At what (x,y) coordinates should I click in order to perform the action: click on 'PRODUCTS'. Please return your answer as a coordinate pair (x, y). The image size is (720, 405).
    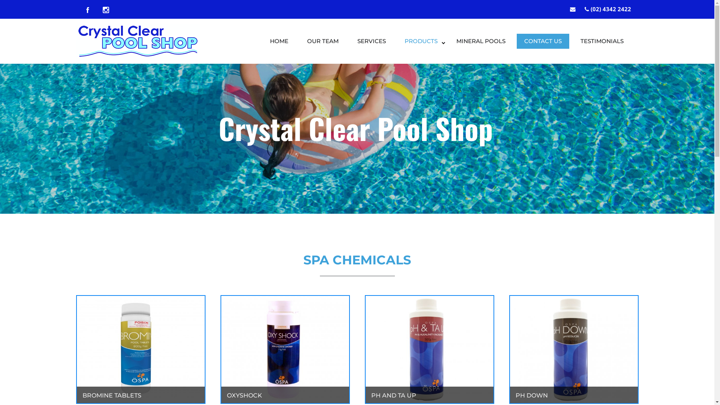
    Looking at the image, I should click on (396, 43).